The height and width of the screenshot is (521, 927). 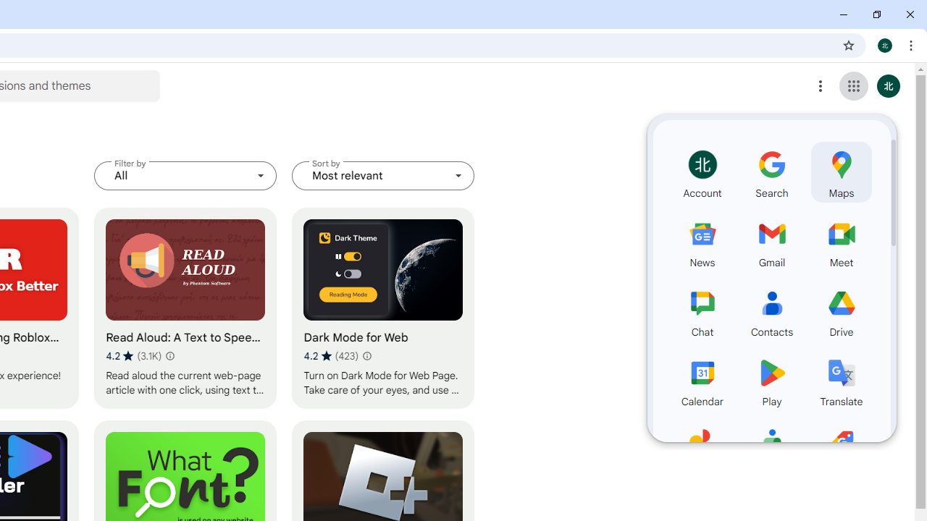 What do you see at coordinates (185, 175) in the screenshot?
I see `'Filter by All'` at bounding box center [185, 175].